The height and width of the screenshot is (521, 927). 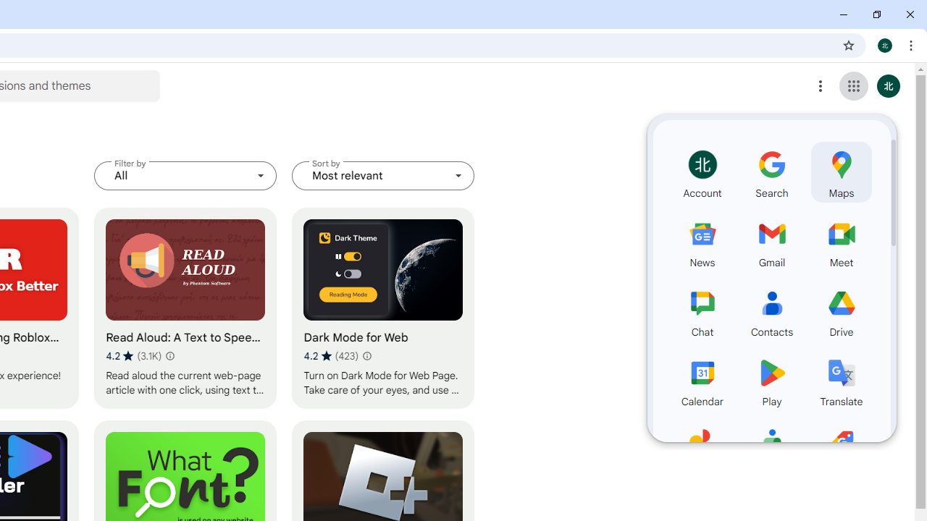 What do you see at coordinates (185, 175) in the screenshot?
I see `'Filter by All'` at bounding box center [185, 175].